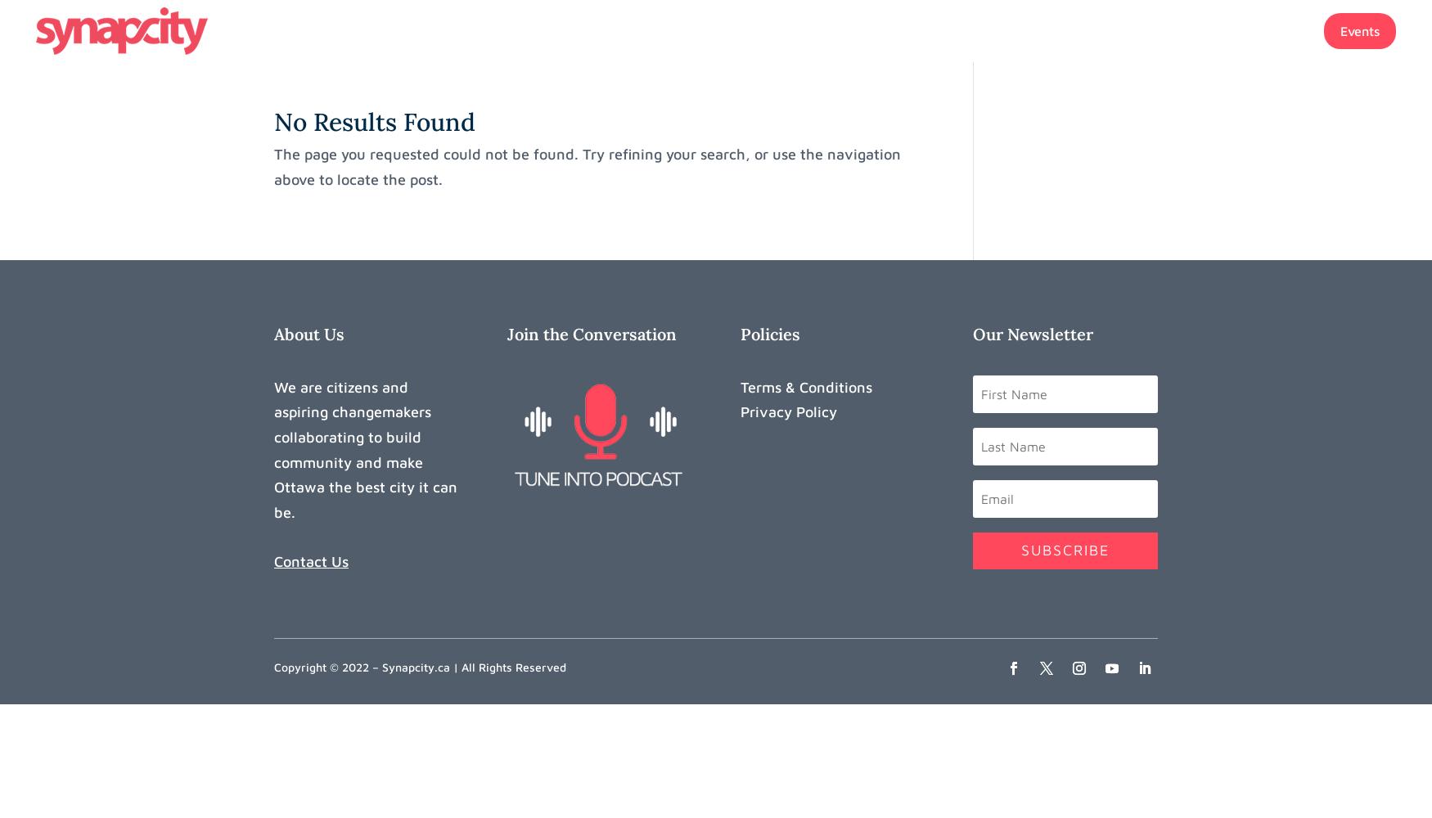  What do you see at coordinates (419, 665) in the screenshot?
I see `'Copyright © 2022 – Synapcity.ca | All Rights Reserved'` at bounding box center [419, 665].